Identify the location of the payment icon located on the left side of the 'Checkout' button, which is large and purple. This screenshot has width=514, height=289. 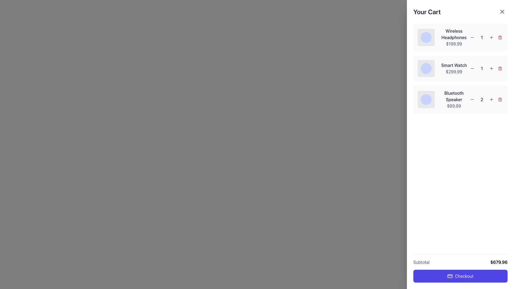
(450, 276).